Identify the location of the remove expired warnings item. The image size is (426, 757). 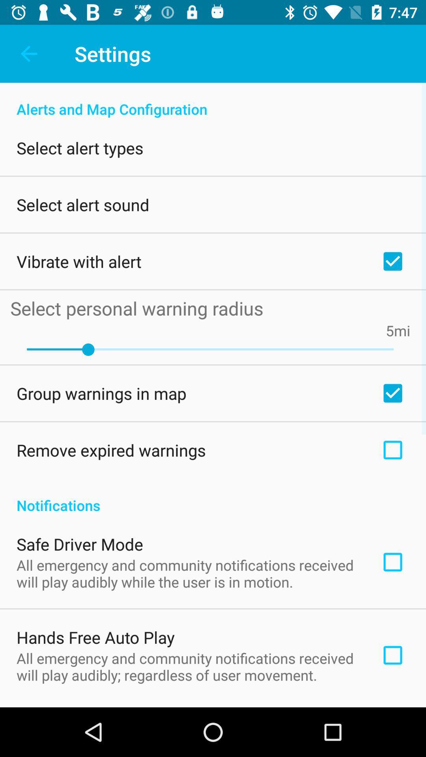
(111, 450).